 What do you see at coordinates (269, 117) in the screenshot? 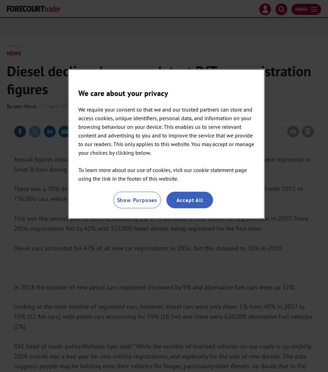
I see `'to your account to use this feature'` at bounding box center [269, 117].